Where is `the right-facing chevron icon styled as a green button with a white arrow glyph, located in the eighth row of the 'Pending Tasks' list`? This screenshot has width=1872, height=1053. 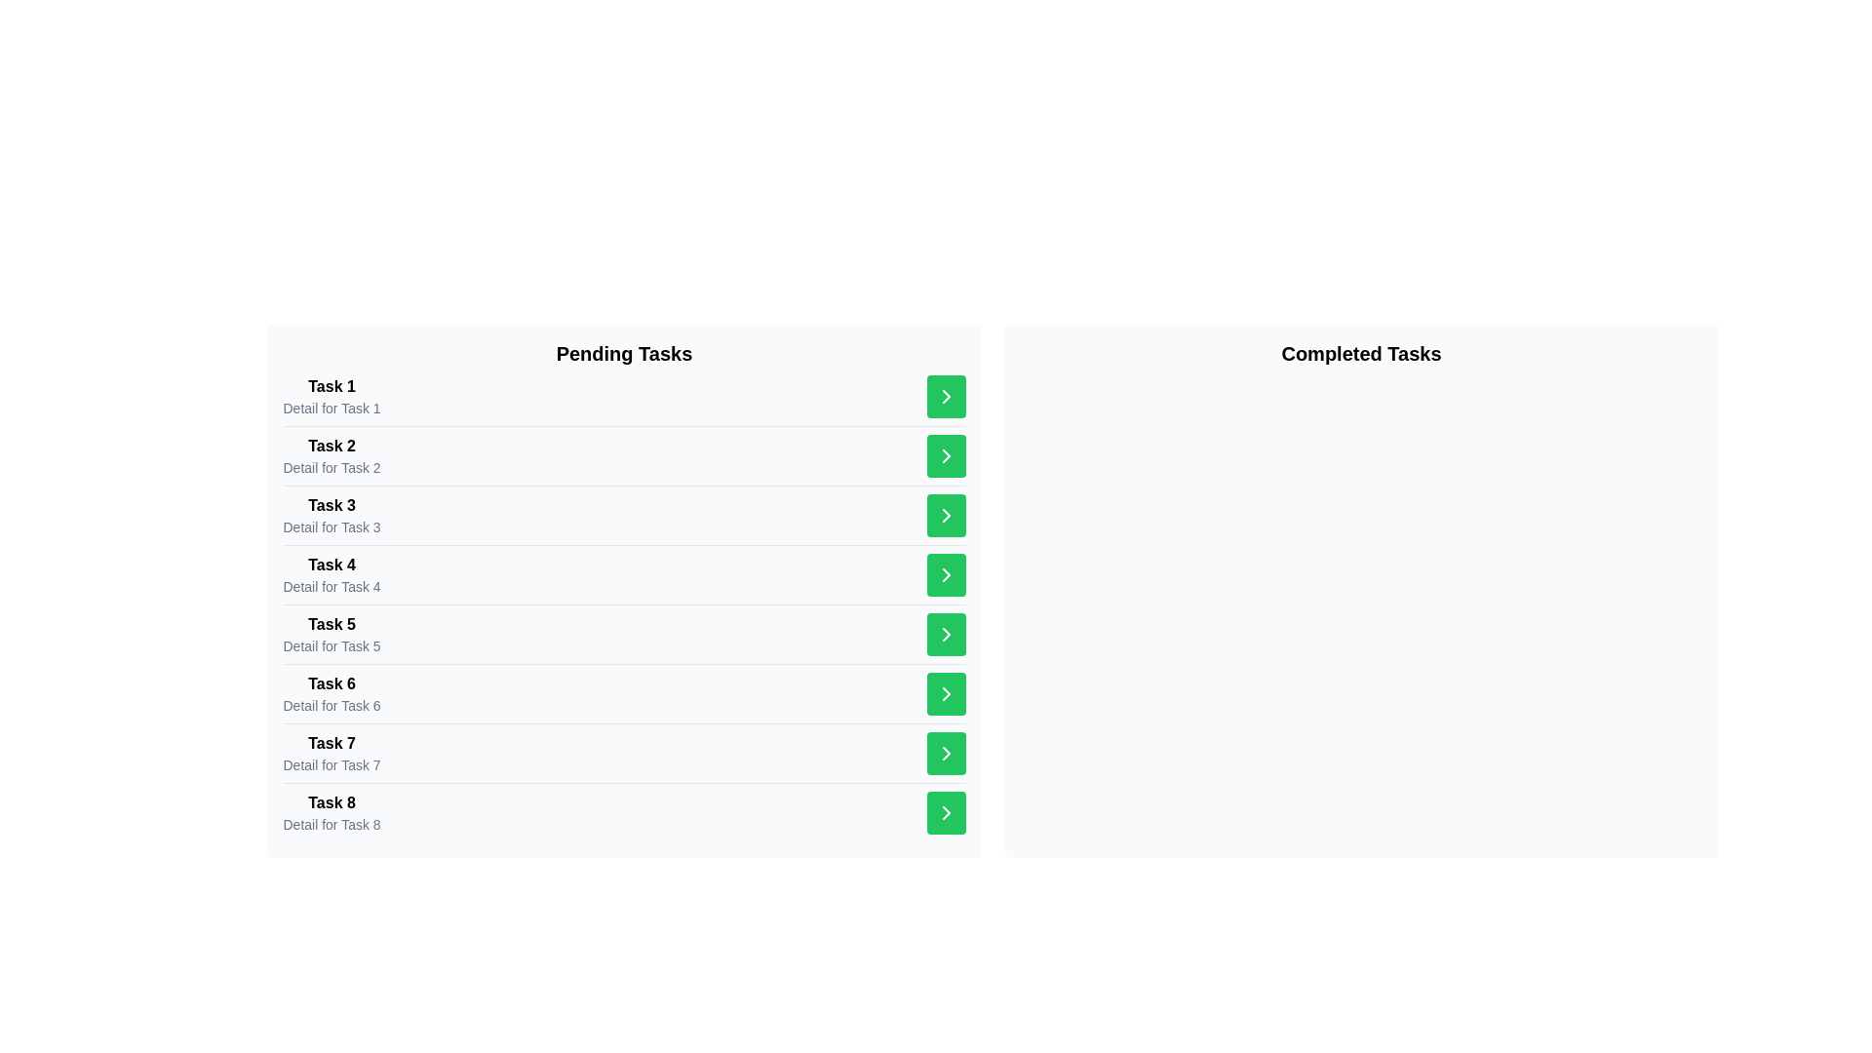 the right-facing chevron icon styled as a green button with a white arrow glyph, located in the eighth row of the 'Pending Tasks' list is located at coordinates (946, 752).